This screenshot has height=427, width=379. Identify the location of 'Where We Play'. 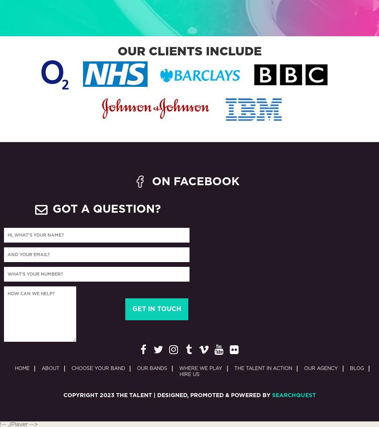
(178, 368).